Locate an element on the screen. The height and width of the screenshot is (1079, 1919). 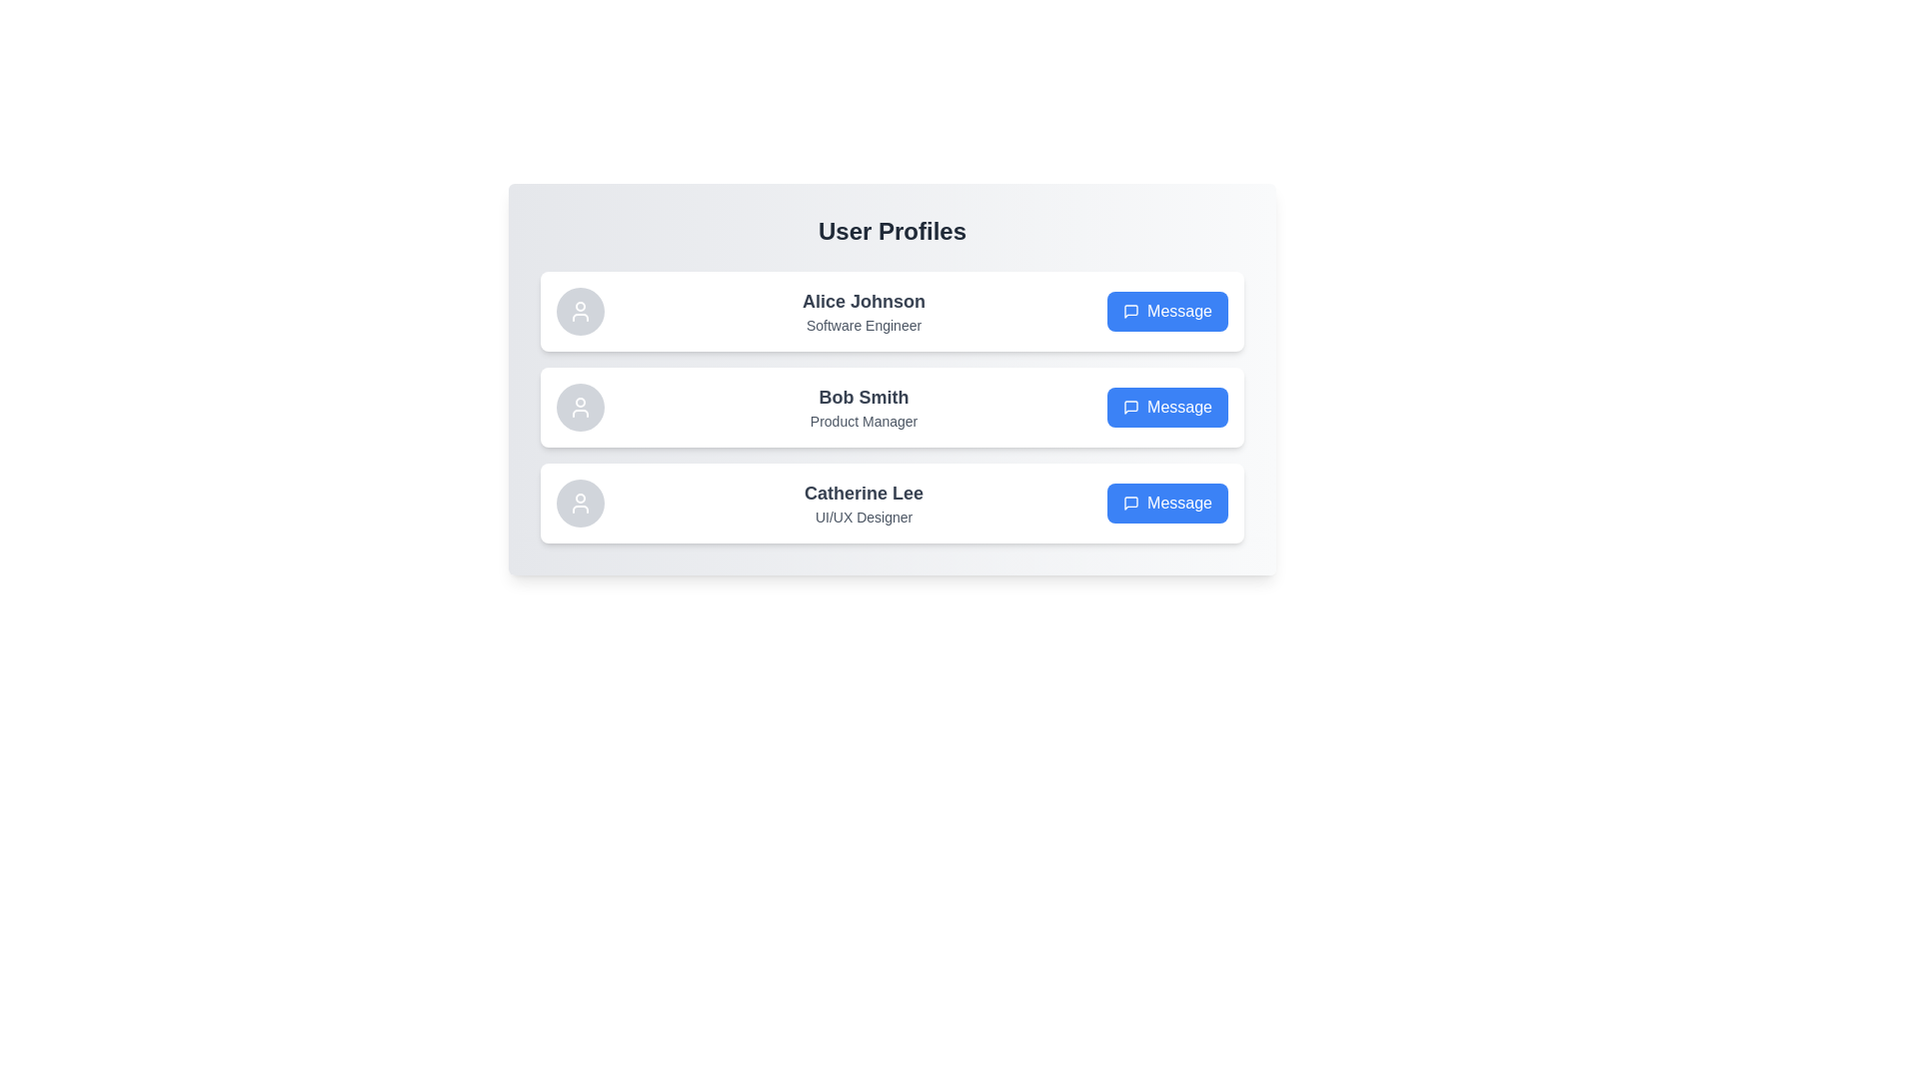
the text of Product Manager to select it is located at coordinates (864, 420).